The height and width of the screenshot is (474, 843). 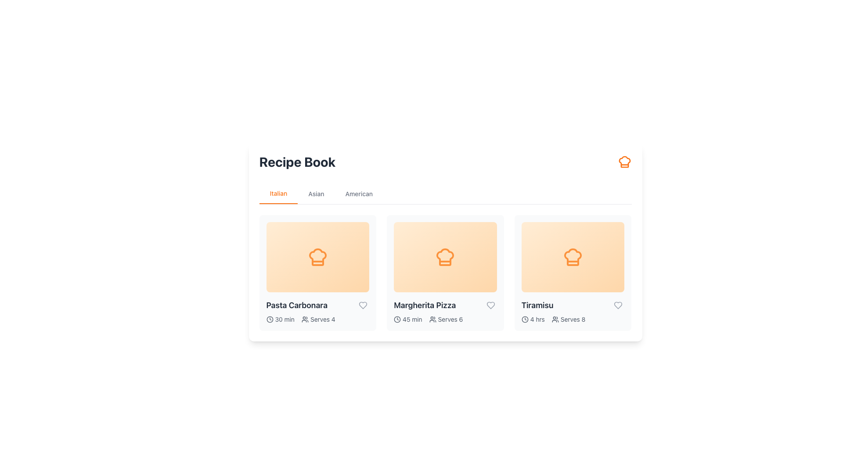 I want to click on the heart-shaped button outlined in gray, located to the right of the text 'Pasta Carbonara', so click(x=363, y=305).